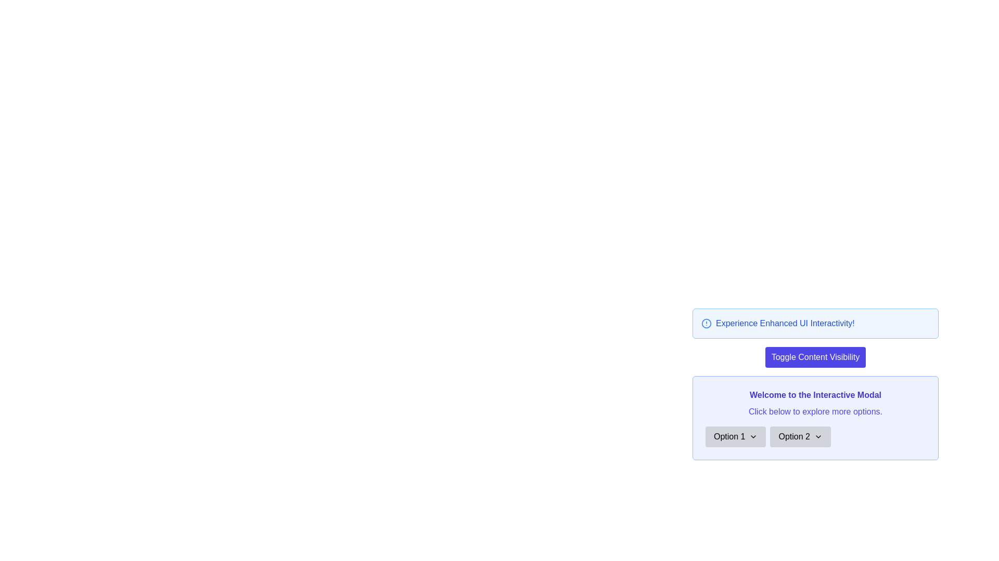 The width and height of the screenshot is (999, 561). Describe the element at coordinates (815, 411) in the screenshot. I see `the Static Text Label located in the modal dialog box, directly beneath the title 'Welcome to the Interactive Modal' and above the buttons 'Option 1' and 'Option 2'` at that location.